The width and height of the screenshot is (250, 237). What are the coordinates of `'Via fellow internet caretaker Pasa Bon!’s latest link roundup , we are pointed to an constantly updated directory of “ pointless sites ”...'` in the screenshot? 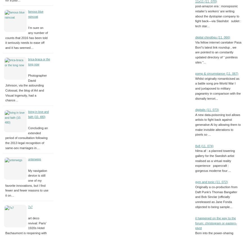 It's located at (218, 52).